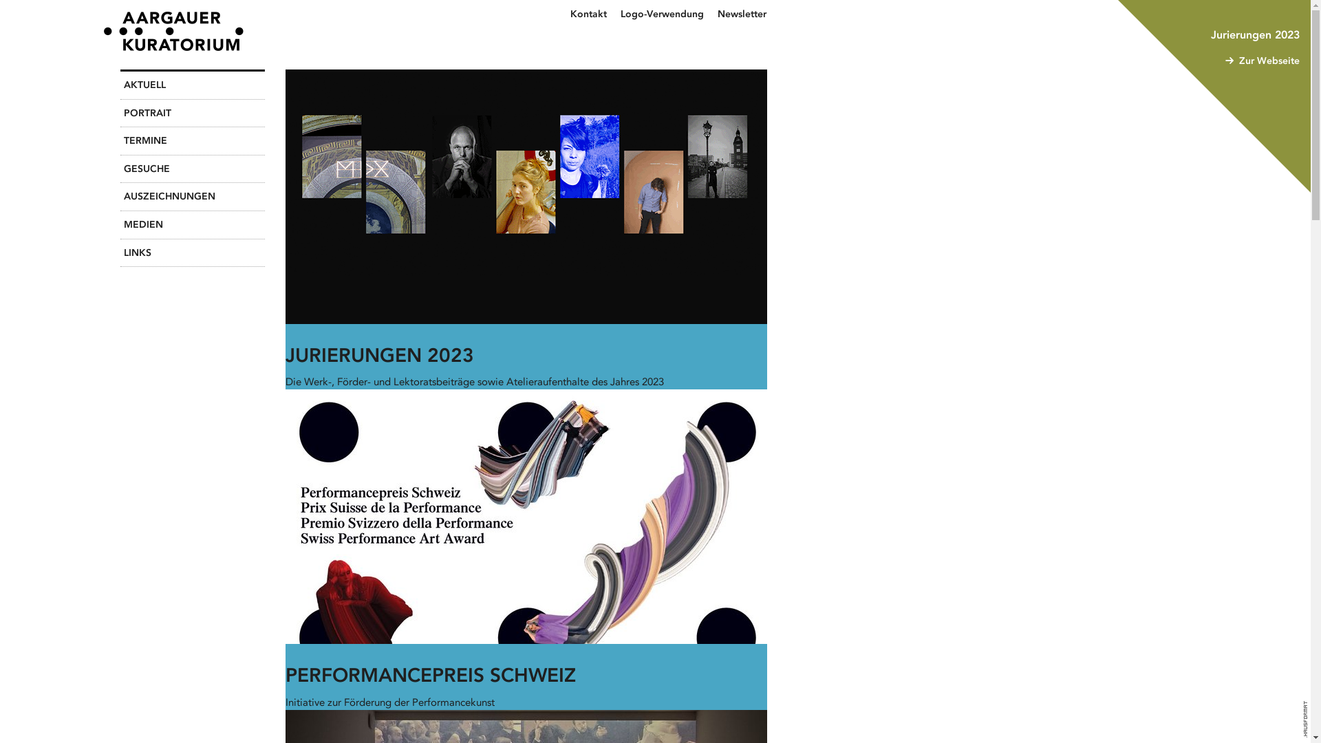  Describe the element at coordinates (120, 113) in the screenshot. I see `'PORTRAIT'` at that location.